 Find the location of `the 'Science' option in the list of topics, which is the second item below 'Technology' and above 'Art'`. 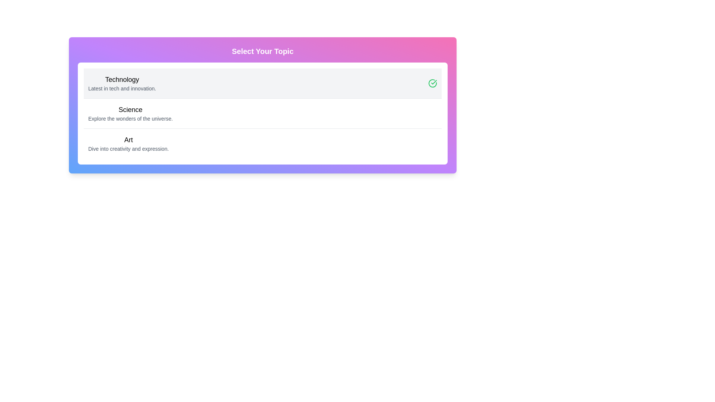

the 'Science' option in the list of topics, which is the second item below 'Technology' and above 'Art' is located at coordinates (130, 113).